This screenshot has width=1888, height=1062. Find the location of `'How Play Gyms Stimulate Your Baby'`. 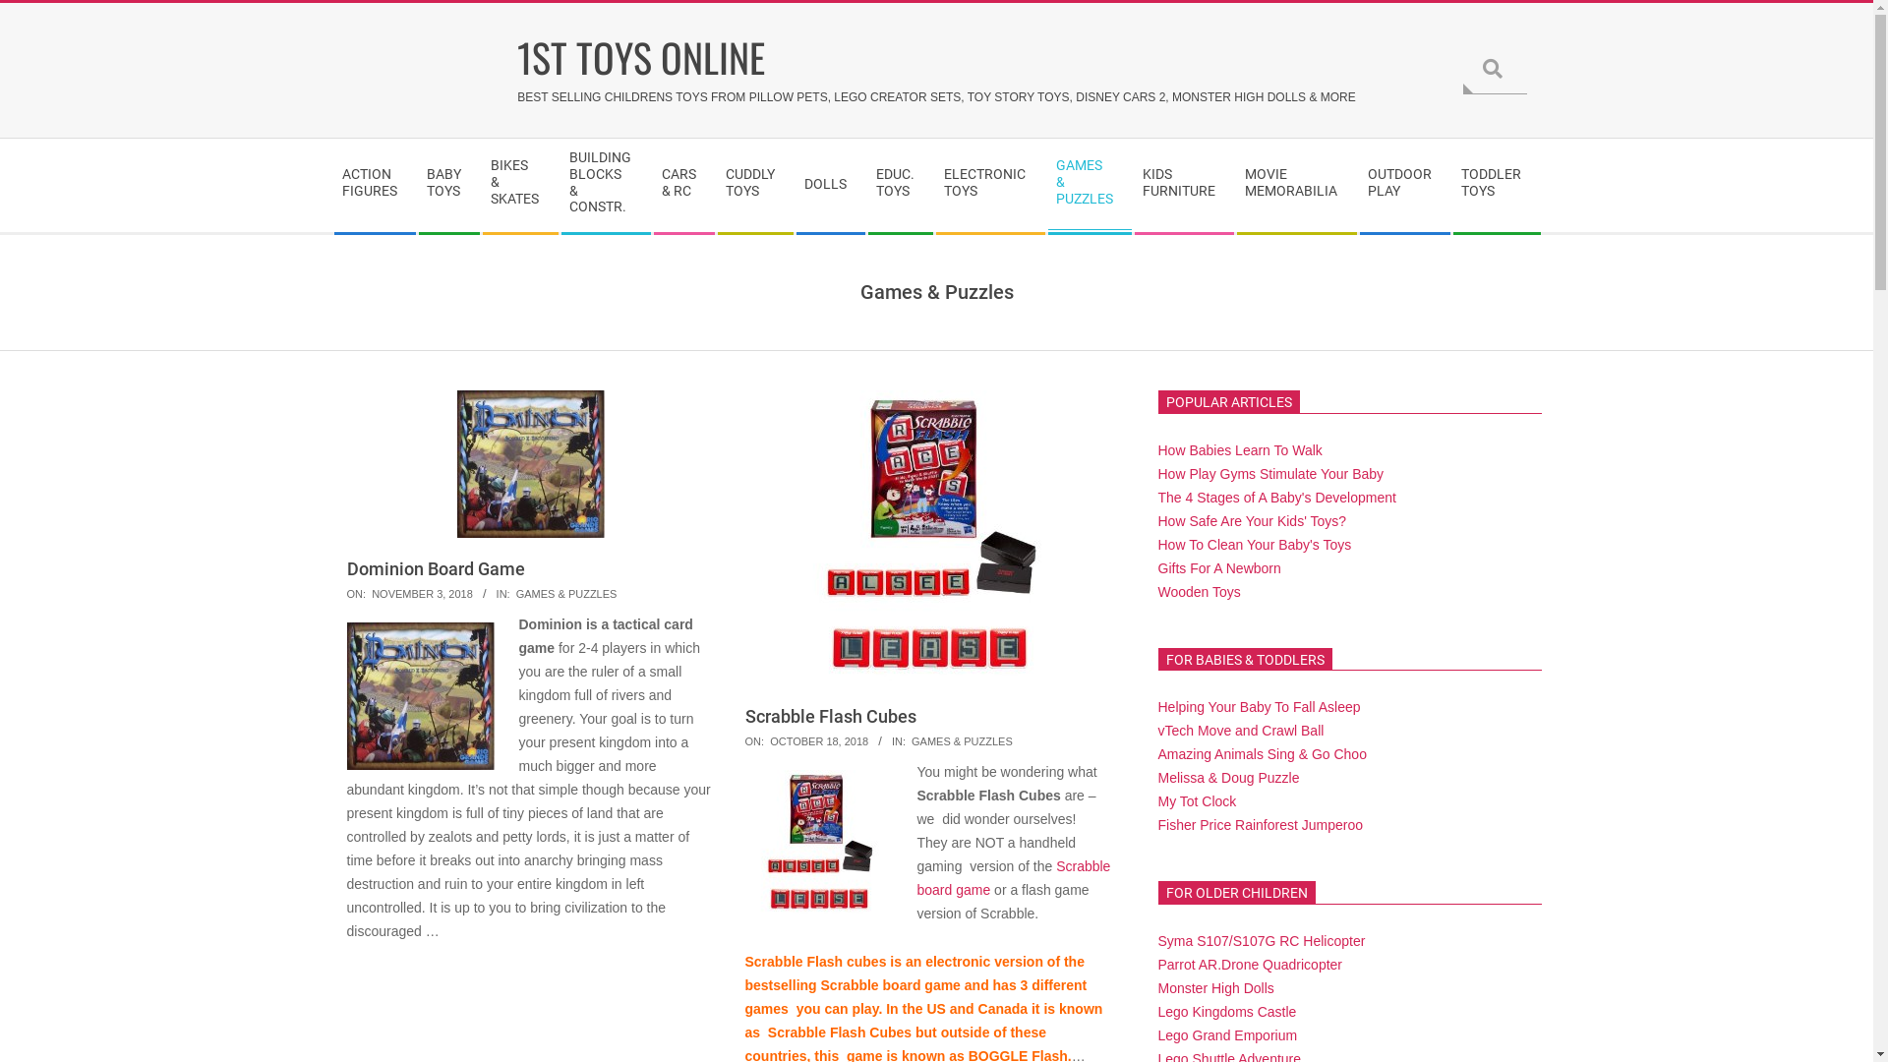

'How Play Gyms Stimulate Your Baby' is located at coordinates (1270, 474).